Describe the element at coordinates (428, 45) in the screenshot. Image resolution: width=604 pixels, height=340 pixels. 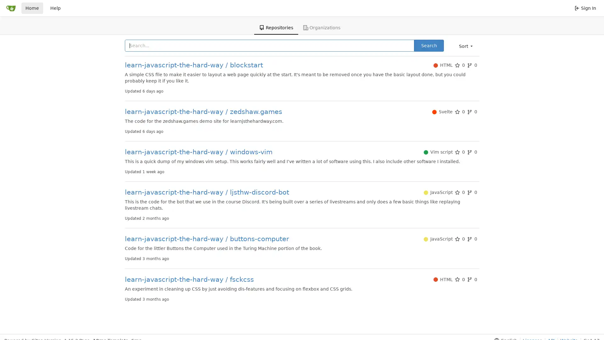
I see `Search` at that location.